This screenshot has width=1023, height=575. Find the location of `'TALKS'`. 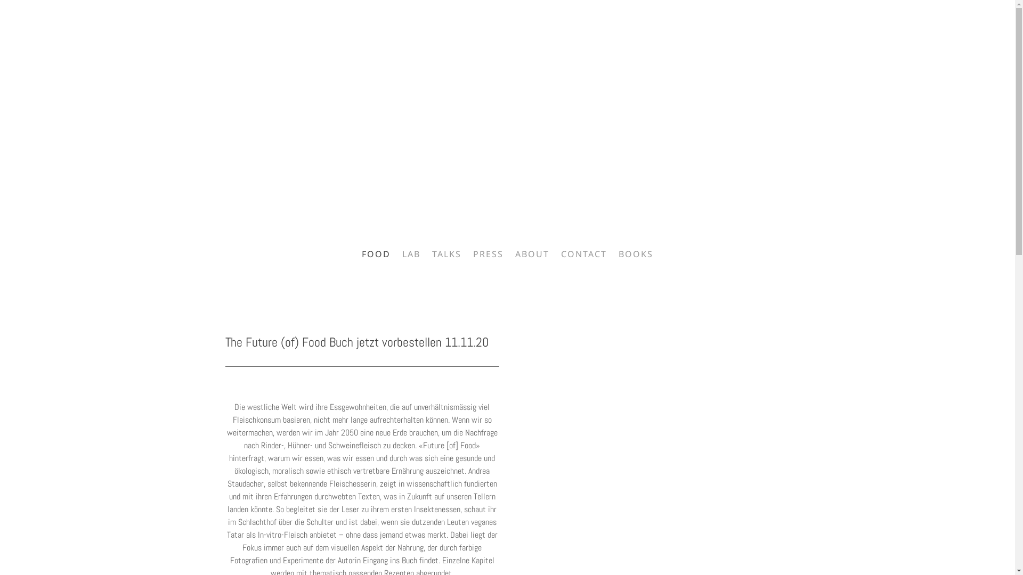

'TALKS' is located at coordinates (426, 254).